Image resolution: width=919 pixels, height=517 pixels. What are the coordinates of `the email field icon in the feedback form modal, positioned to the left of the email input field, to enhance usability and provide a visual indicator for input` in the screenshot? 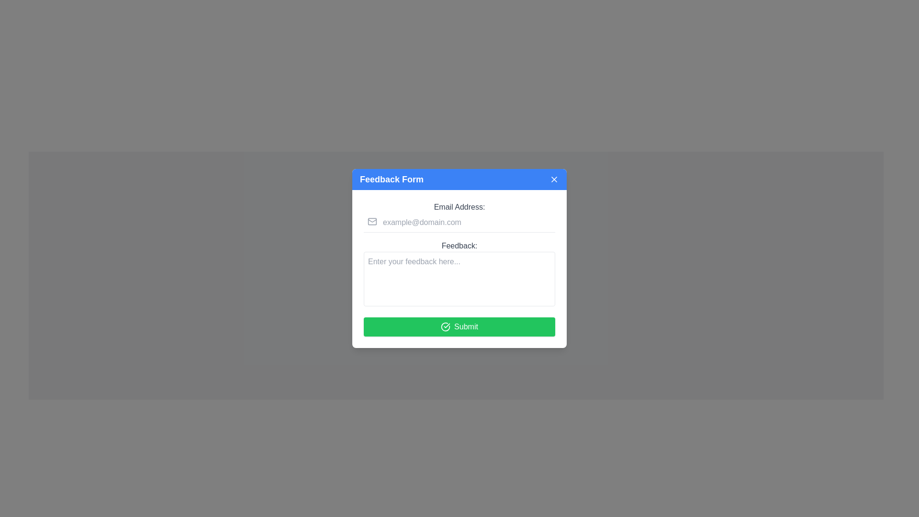 It's located at (371, 221).